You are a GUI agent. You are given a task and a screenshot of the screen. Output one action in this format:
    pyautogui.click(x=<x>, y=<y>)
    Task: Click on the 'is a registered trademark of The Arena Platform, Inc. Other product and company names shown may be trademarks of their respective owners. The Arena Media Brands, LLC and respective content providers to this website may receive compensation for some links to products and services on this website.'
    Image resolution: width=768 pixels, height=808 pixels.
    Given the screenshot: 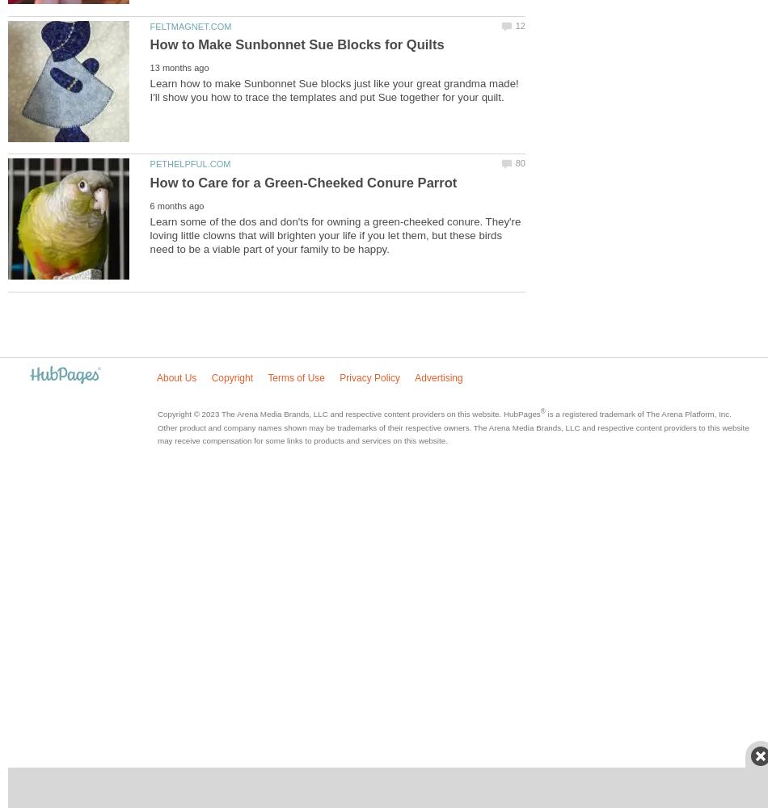 What is the action you would take?
    pyautogui.click(x=453, y=427)
    